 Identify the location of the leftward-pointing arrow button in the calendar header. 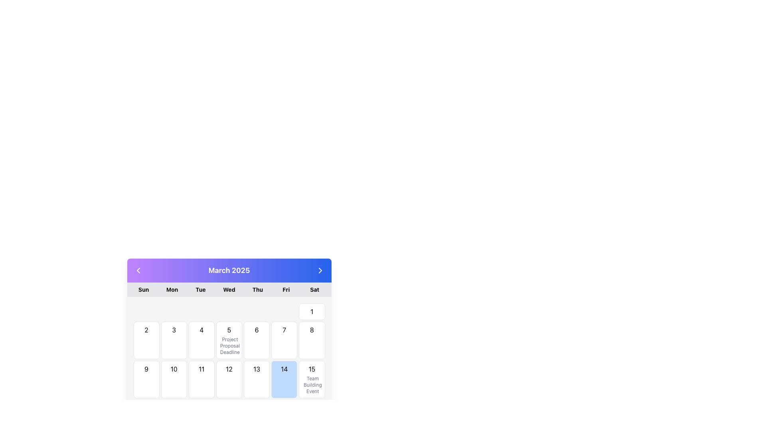
(138, 270).